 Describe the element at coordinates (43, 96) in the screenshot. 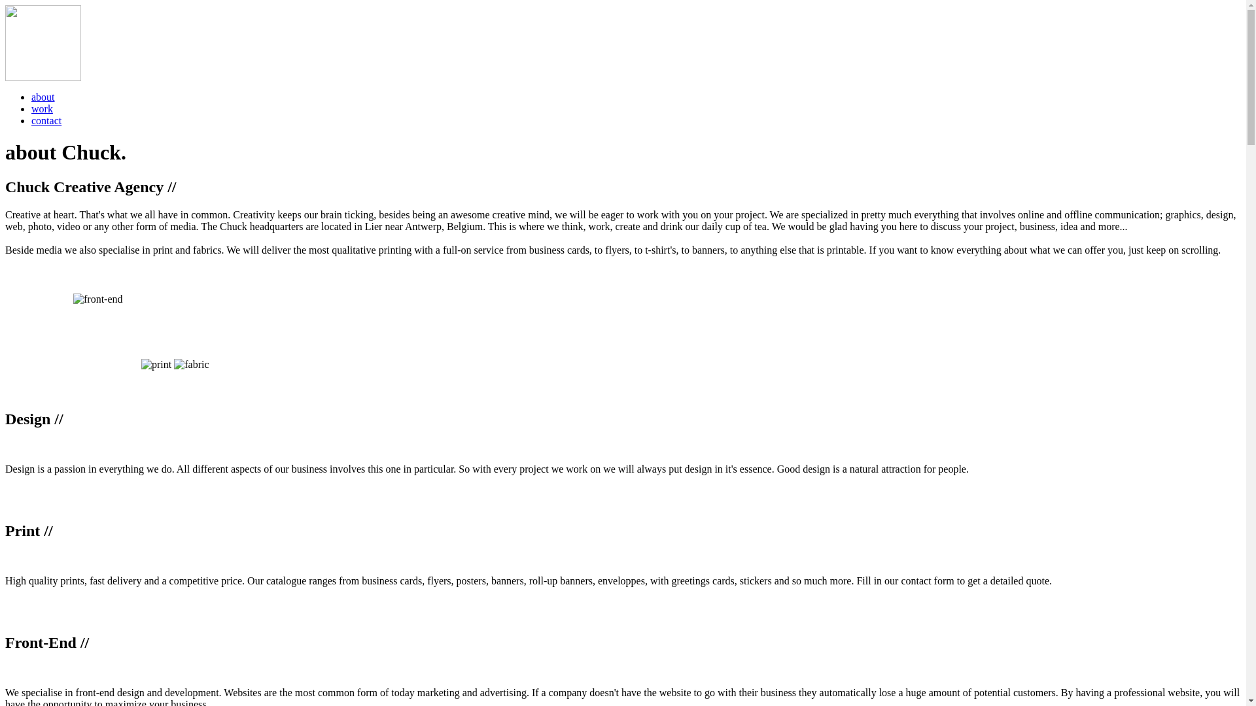

I see `'about'` at that location.